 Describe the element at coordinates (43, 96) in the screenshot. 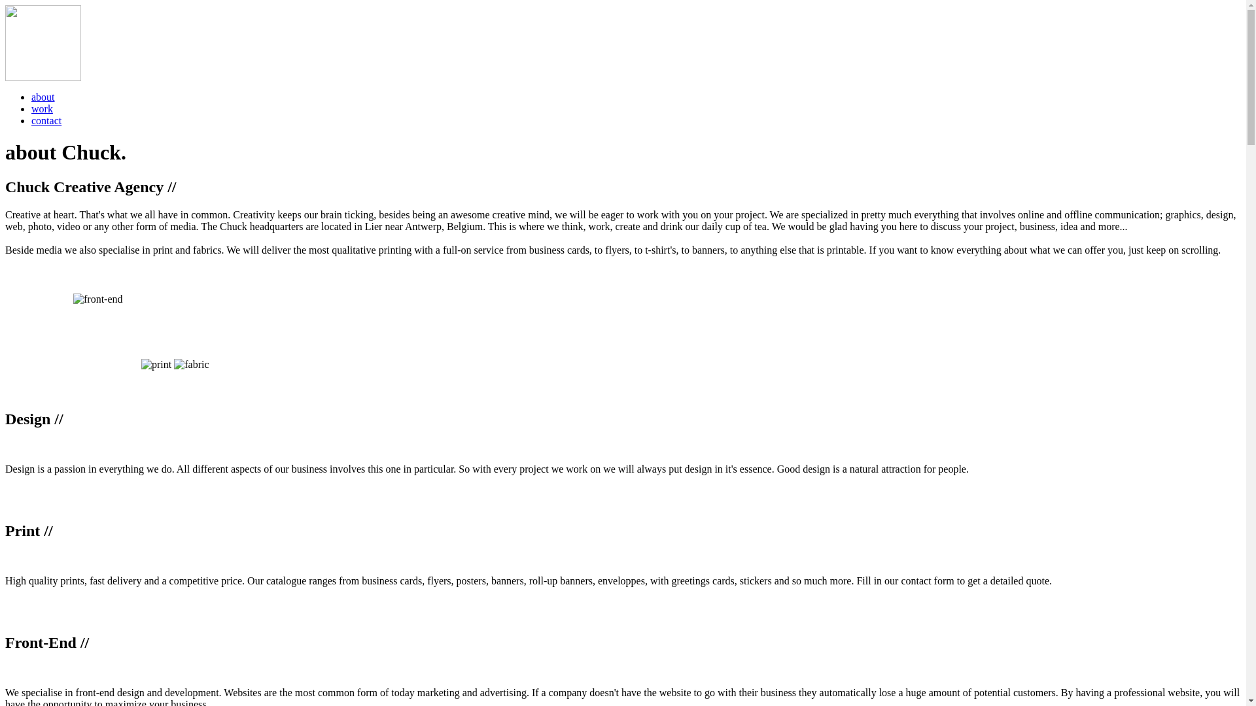

I see `'about'` at that location.